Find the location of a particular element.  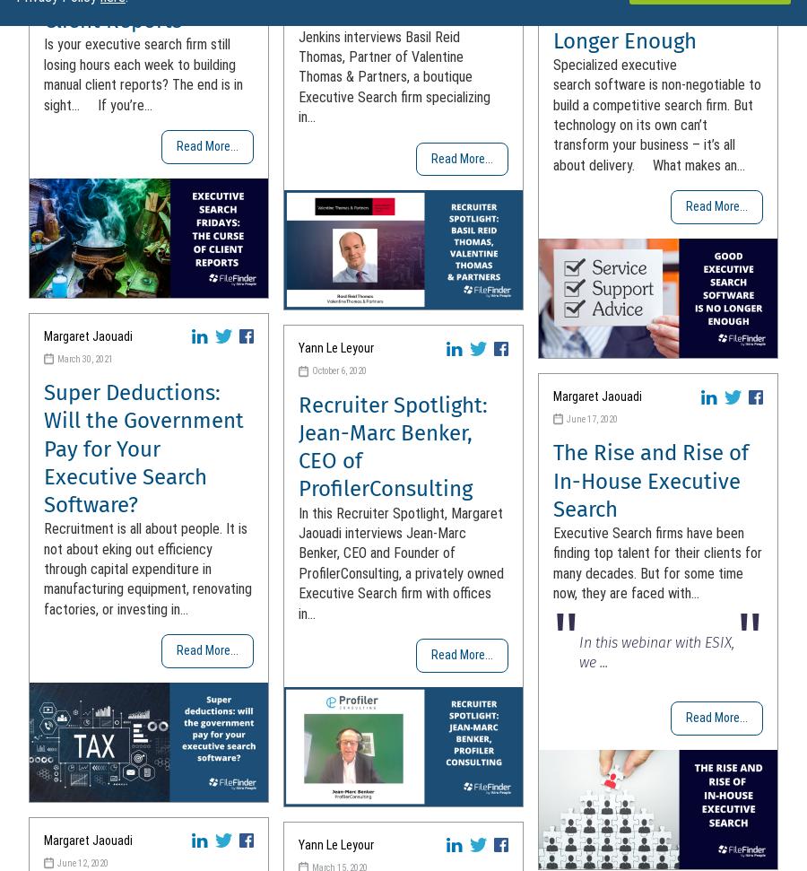

'In this Recruiter Spotlight, Aditi Jenkins interviews Basil Reid Thomas, Partner of Valentine Thomas & Partners, a boutique Executive Search firm specializing in...' is located at coordinates (298, 65).